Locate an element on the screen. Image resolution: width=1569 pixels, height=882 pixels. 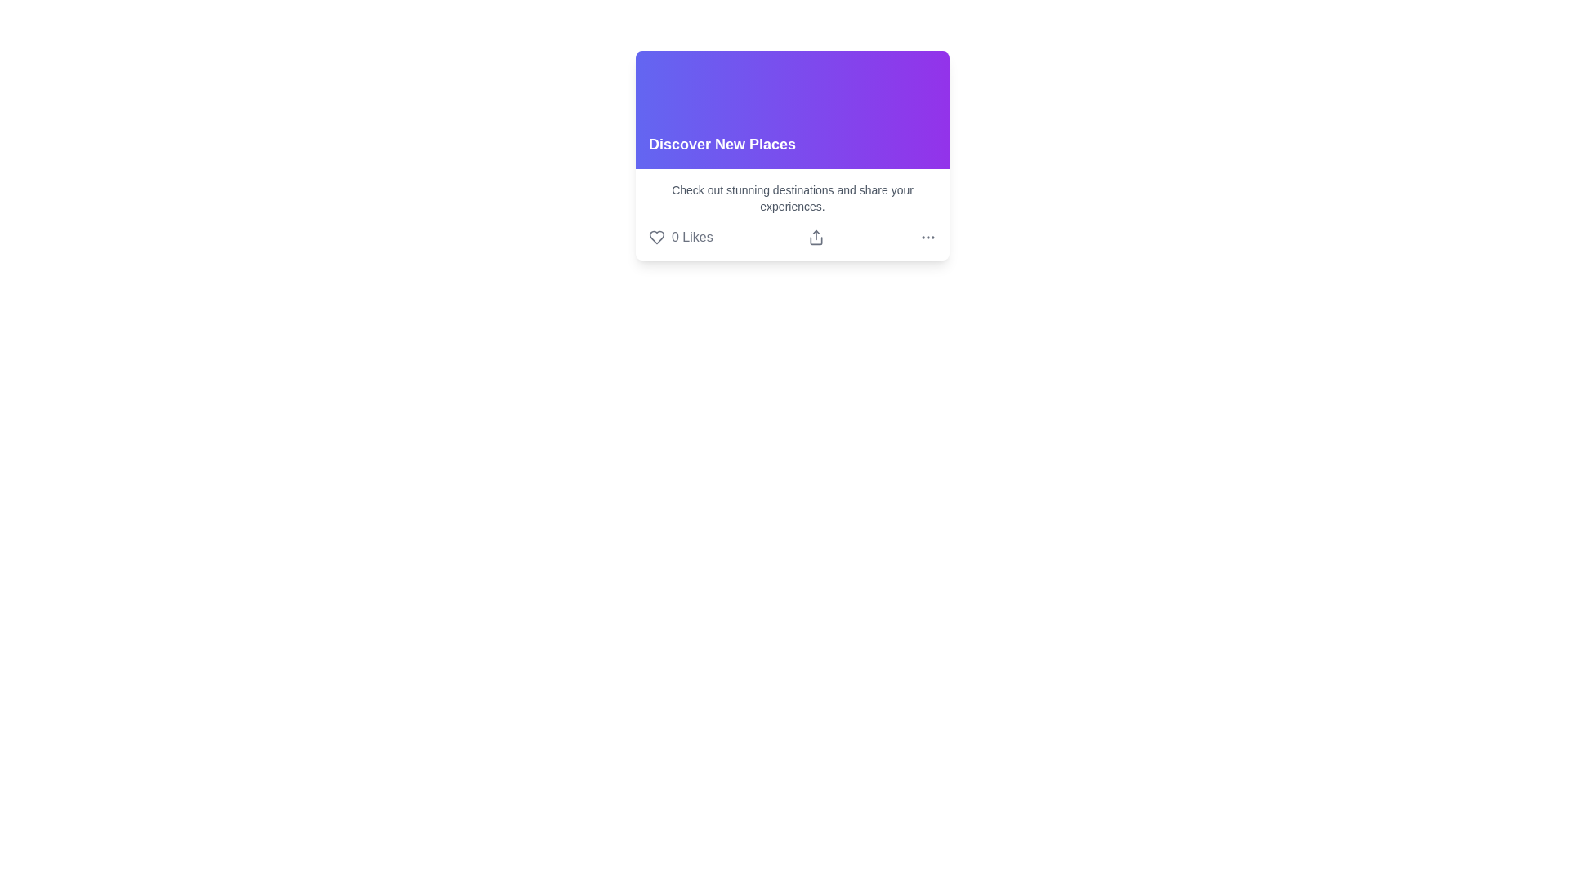
the outlined heart icon located to the left of the text '0 Likes' at the bottom left section of the card interface is located at coordinates (657, 237).